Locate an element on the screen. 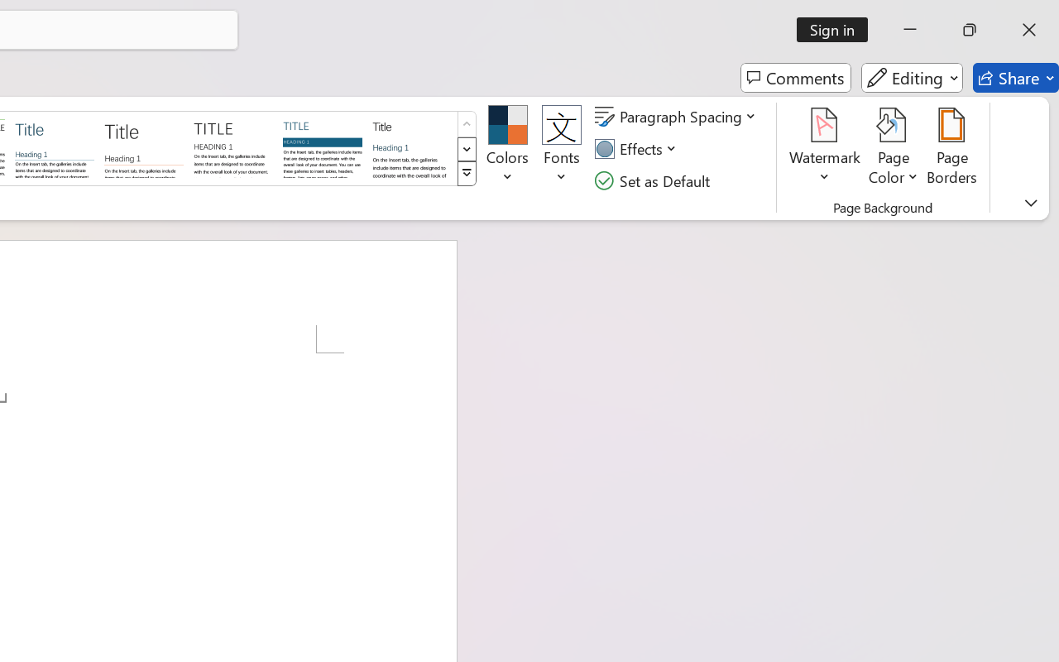 The height and width of the screenshot is (662, 1059). 'Editing' is located at coordinates (911, 78).